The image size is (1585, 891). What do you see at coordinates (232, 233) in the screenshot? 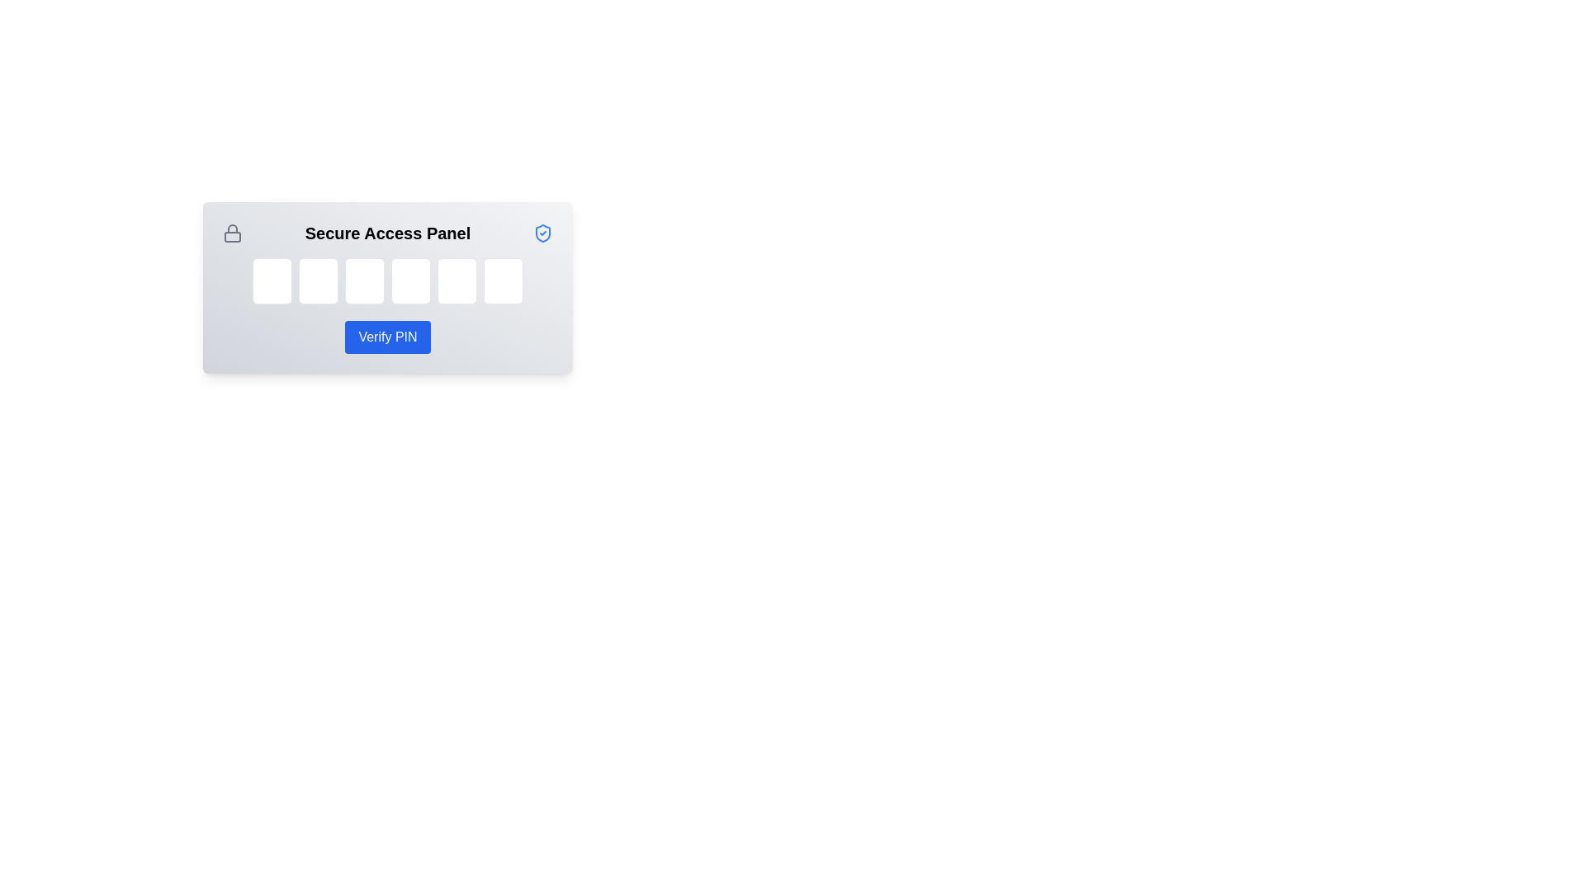
I see `the lock-shaped icon, which is a monochrome, minimalistic design located to the left of the 'Secure Access Panel' text` at bounding box center [232, 233].